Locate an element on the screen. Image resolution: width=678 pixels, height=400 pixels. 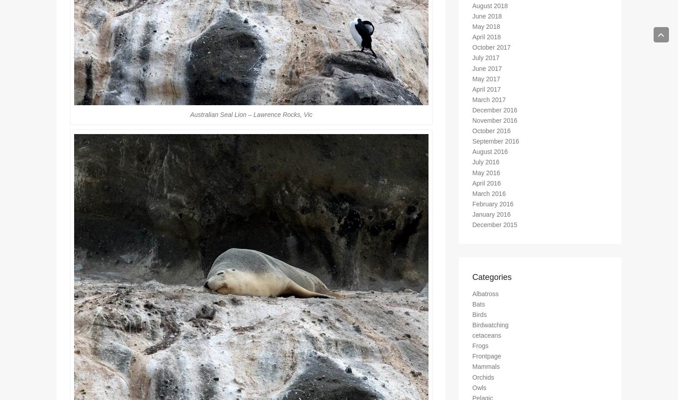
'February 2016' is located at coordinates (492, 208).